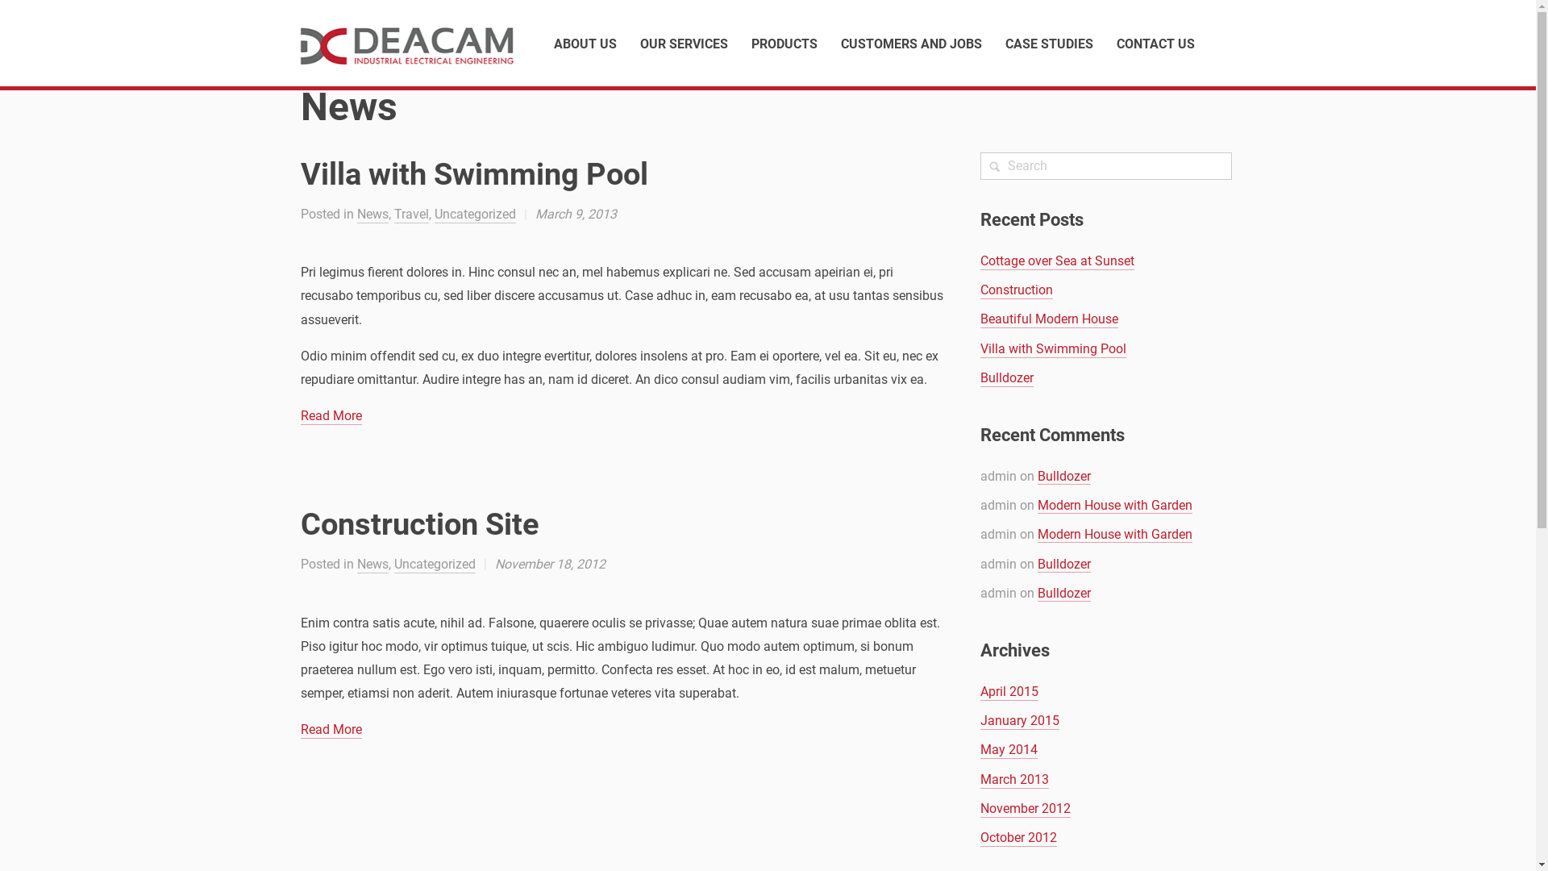 The height and width of the screenshot is (871, 1548). Describe the element at coordinates (1008, 750) in the screenshot. I see `'May 2014'` at that location.